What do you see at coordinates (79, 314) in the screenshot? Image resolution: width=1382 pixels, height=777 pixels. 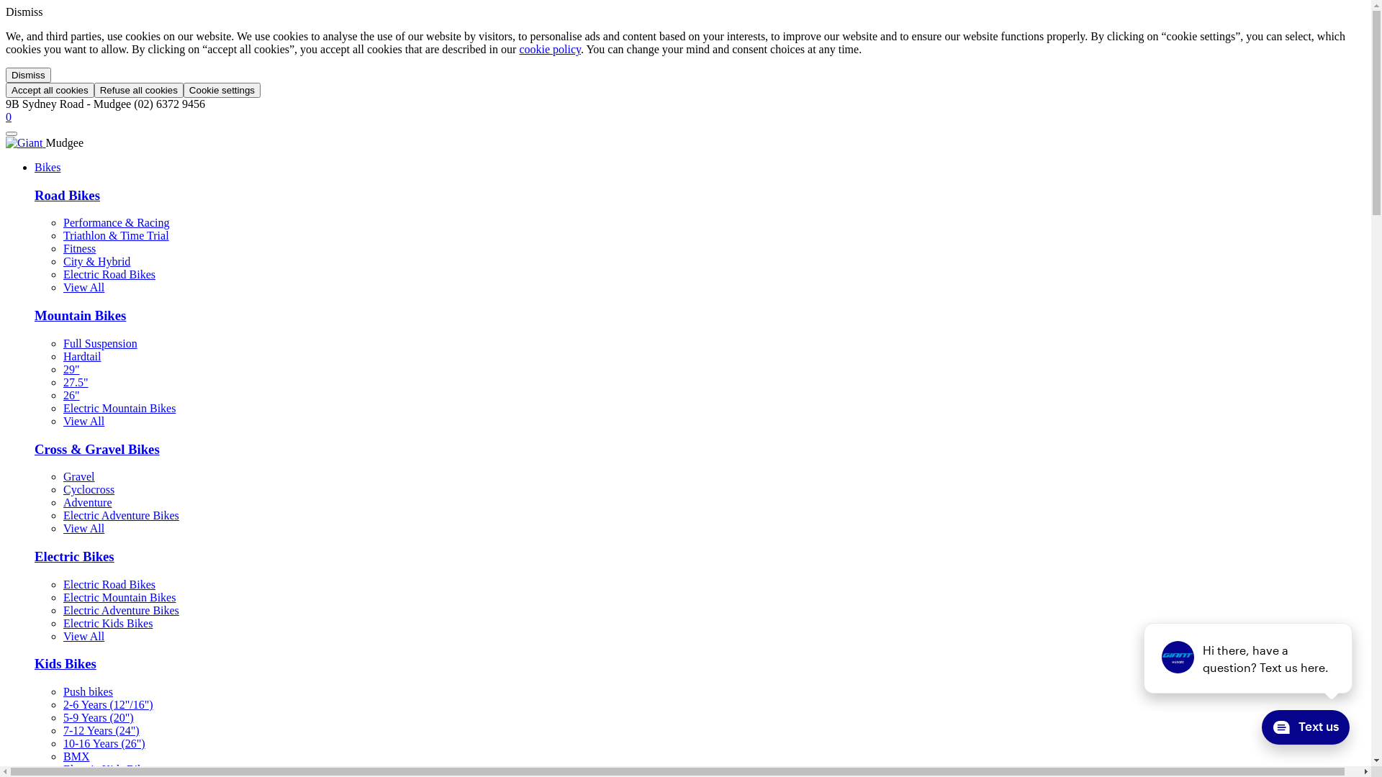 I see `'Mountain Bikes'` at bounding box center [79, 314].